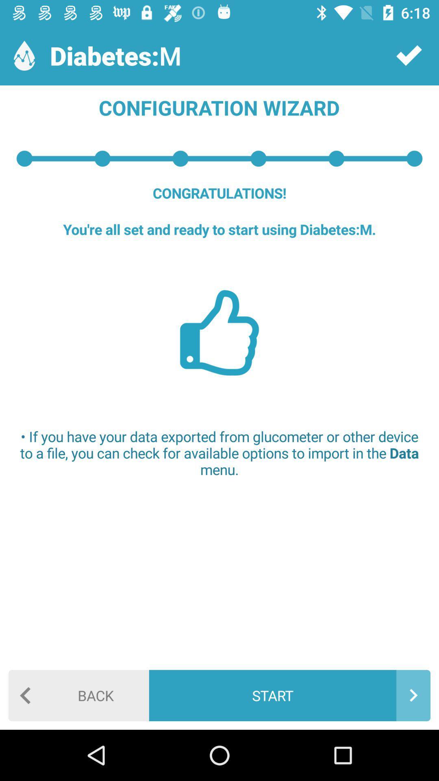 The image size is (439, 781). What do you see at coordinates (78, 695) in the screenshot?
I see `item to the left of start` at bounding box center [78, 695].